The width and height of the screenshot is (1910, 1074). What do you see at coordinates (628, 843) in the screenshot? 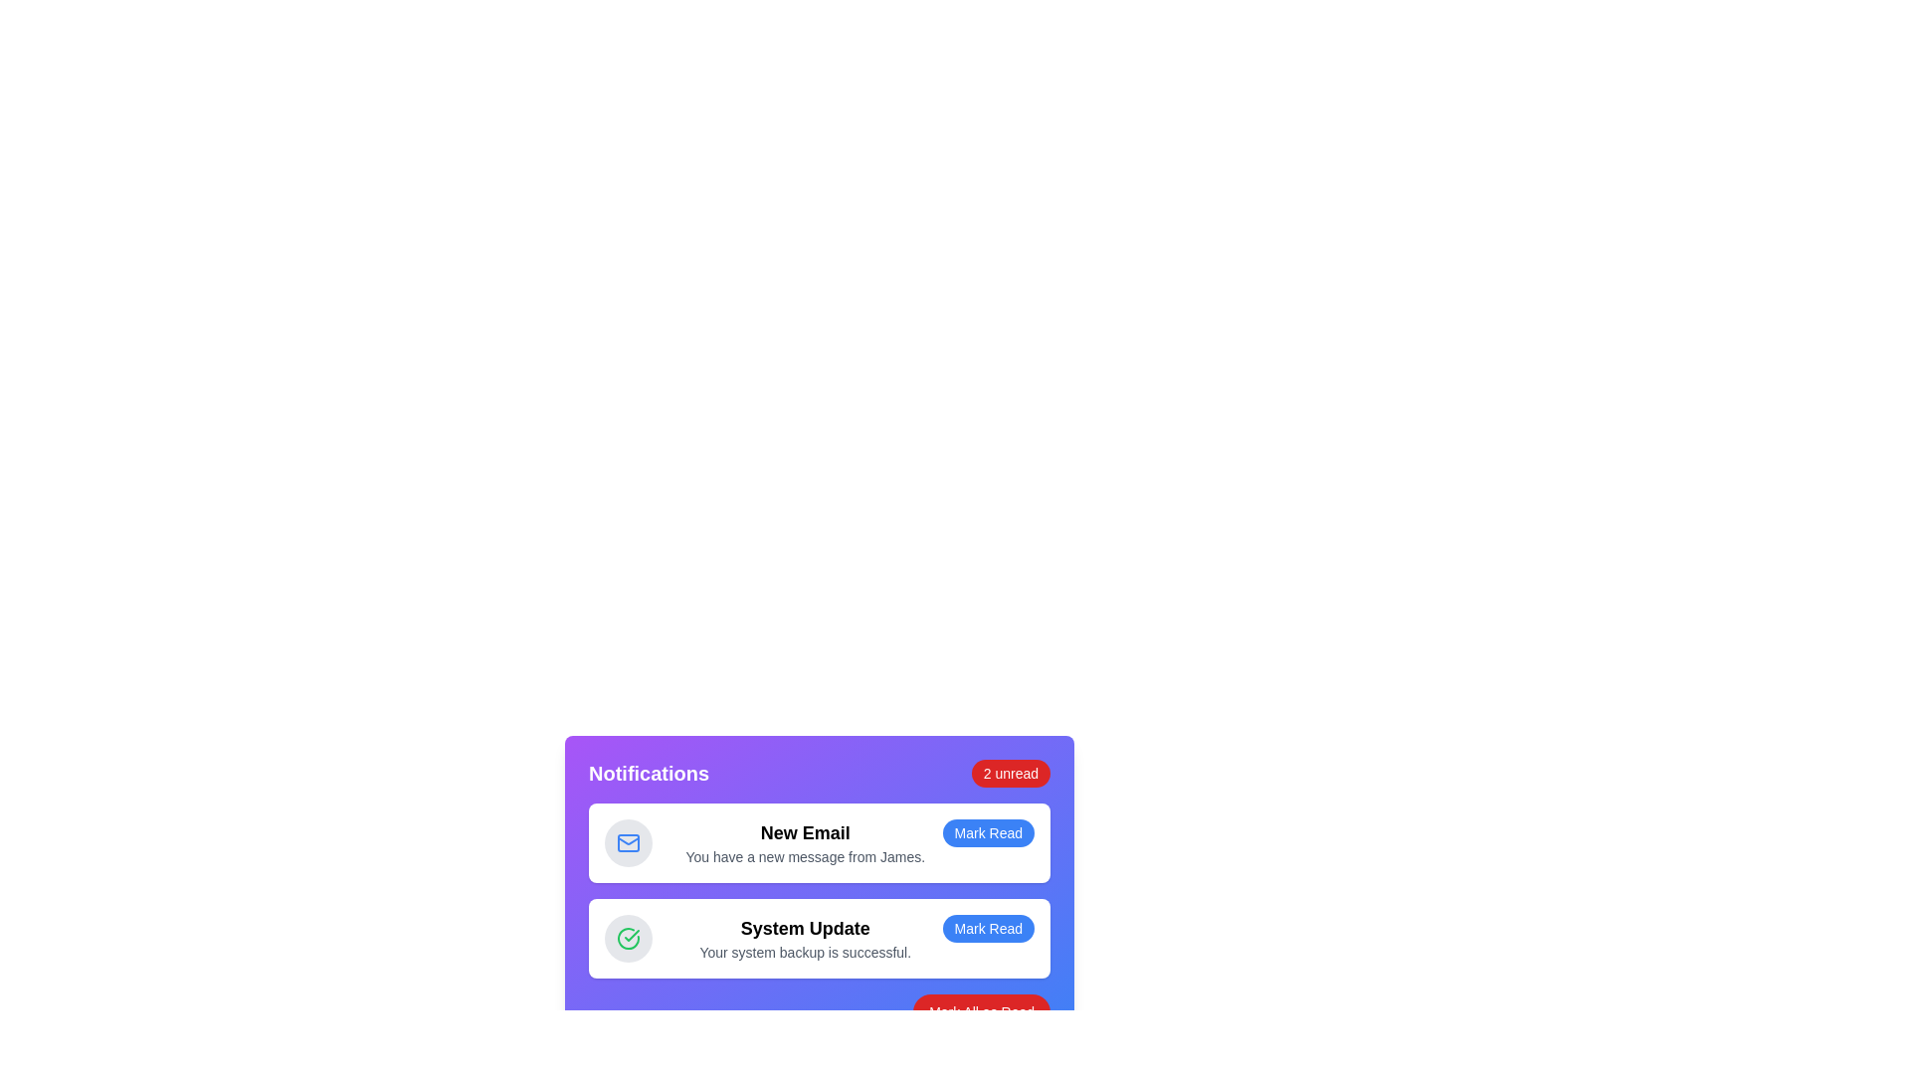
I see `the 'New Email' notification icon located in the top-left corner of the notification card within the notifications panel` at bounding box center [628, 843].